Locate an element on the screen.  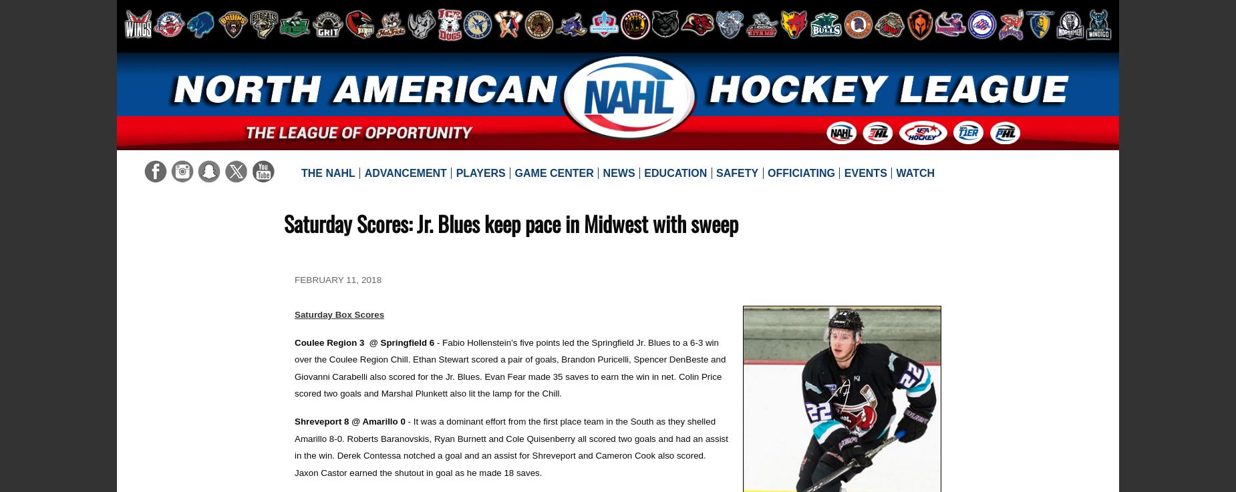
'February 11, 2018' is located at coordinates (294, 279).